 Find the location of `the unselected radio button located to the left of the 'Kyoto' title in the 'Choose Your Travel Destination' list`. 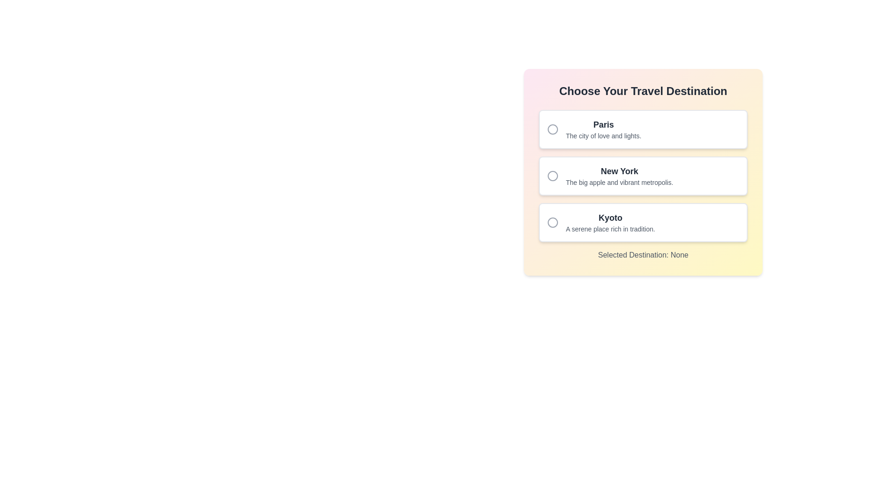

the unselected radio button located to the left of the 'Kyoto' title in the 'Choose Your Travel Destination' list is located at coordinates (552, 223).